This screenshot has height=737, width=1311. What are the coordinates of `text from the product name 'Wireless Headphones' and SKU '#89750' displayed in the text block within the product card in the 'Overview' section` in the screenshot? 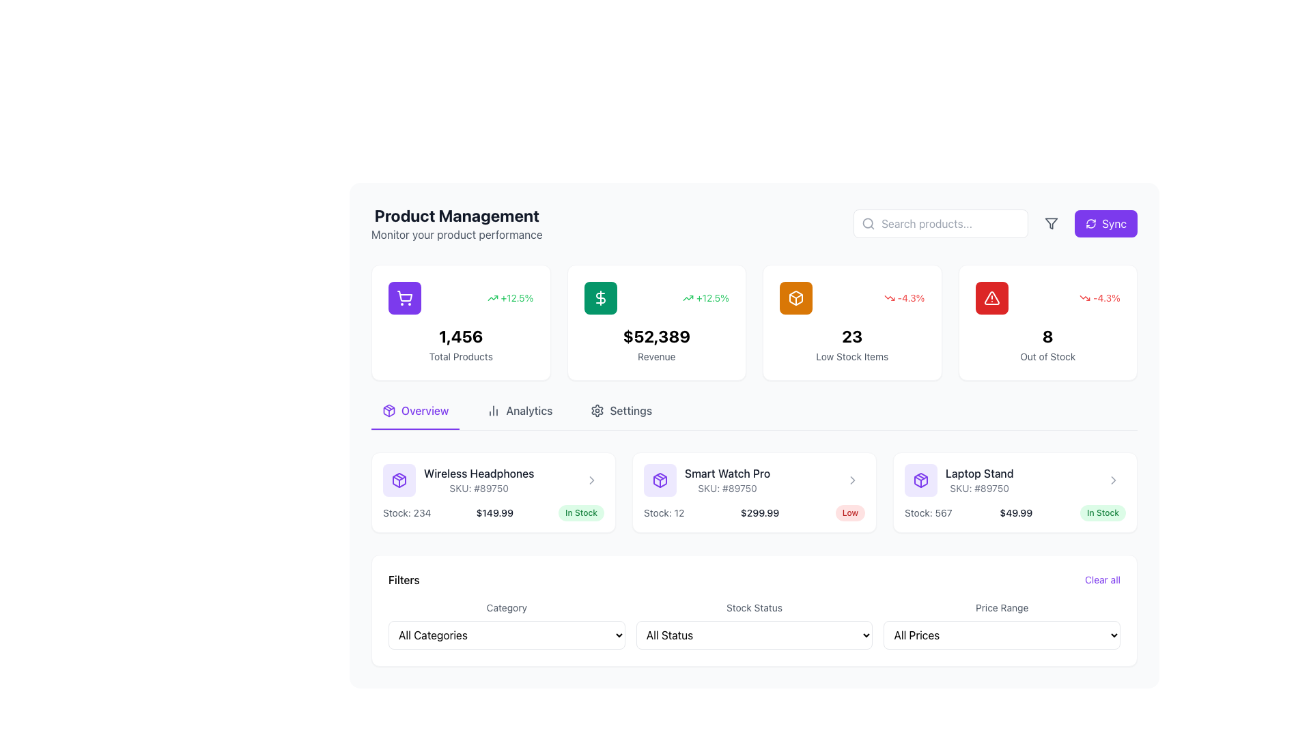 It's located at (458, 480).